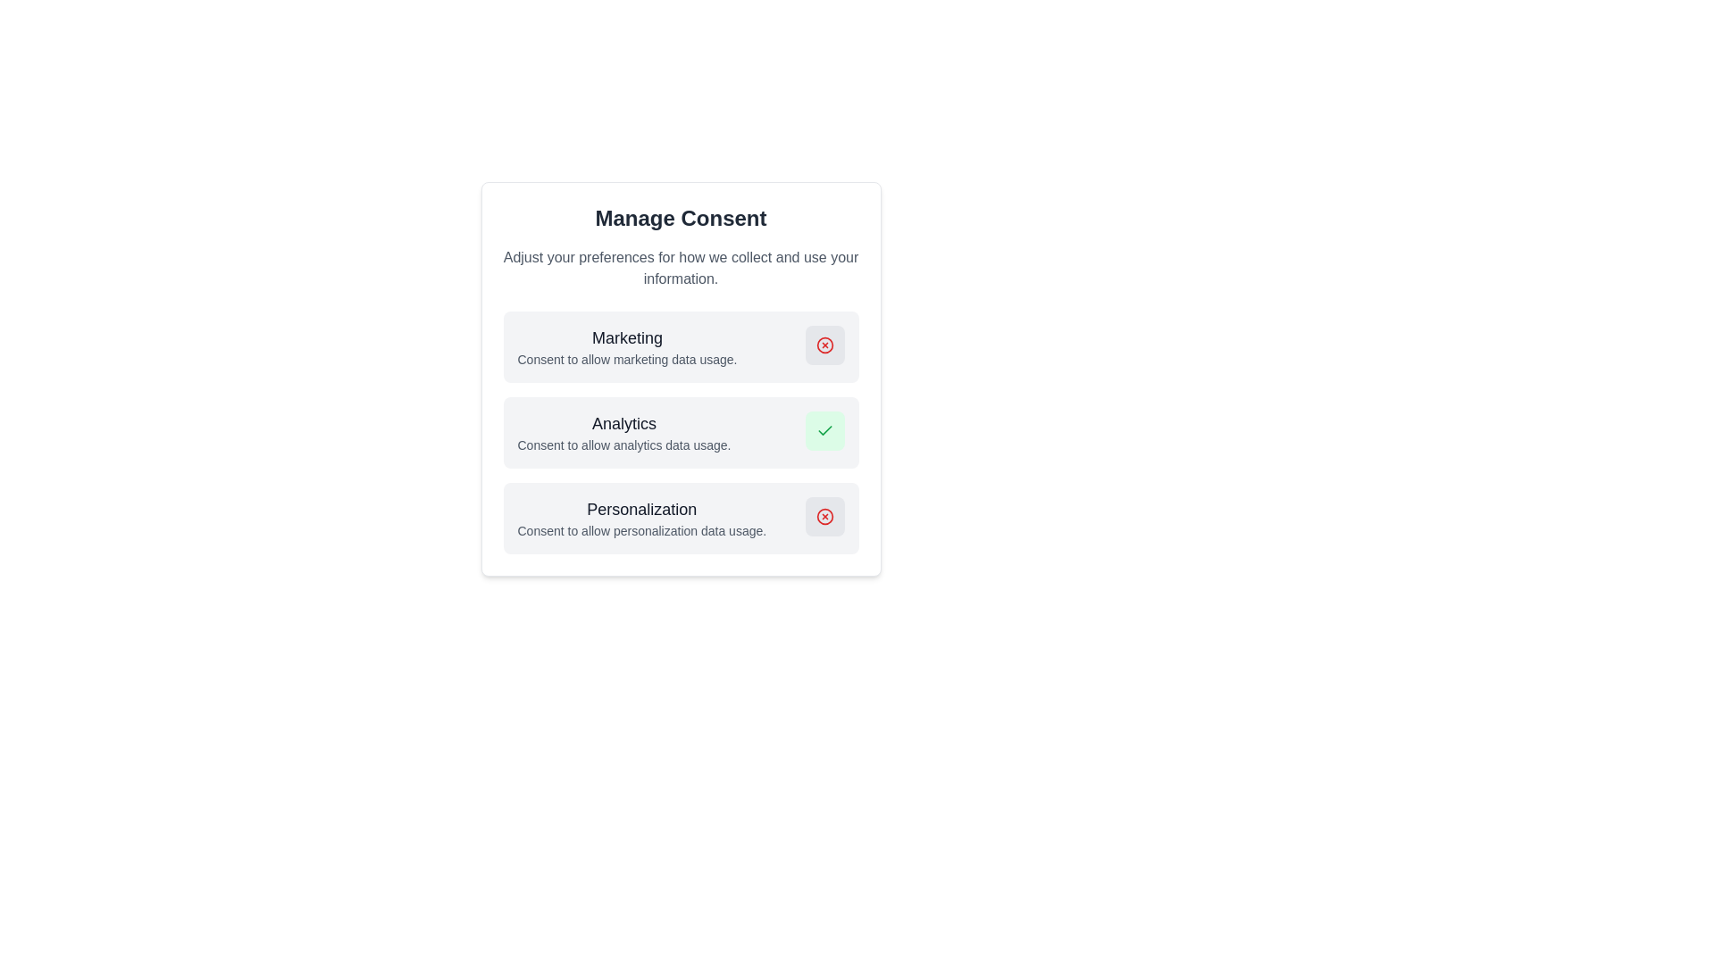 The height and width of the screenshot is (964, 1715). Describe the element at coordinates (641, 519) in the screenshot. I see `the static text component that displays 'Personalization' and 'Consent to allow personalization data usage.' This component is the third card in the 'Manage Consent' section, positioned below the 'Analytics' card` at that location.